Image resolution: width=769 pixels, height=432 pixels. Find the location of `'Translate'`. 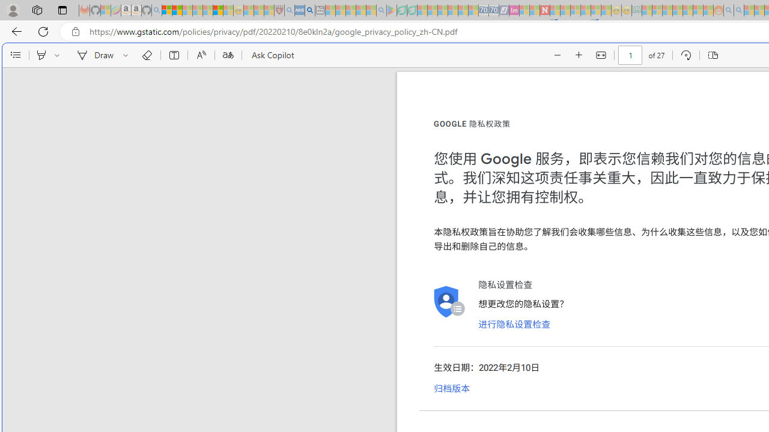

'Translate' is located at coordinates (228, 55).